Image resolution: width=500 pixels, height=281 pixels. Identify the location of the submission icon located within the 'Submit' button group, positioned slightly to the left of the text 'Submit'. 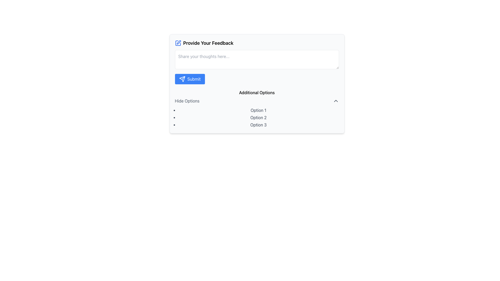
(182, 79).